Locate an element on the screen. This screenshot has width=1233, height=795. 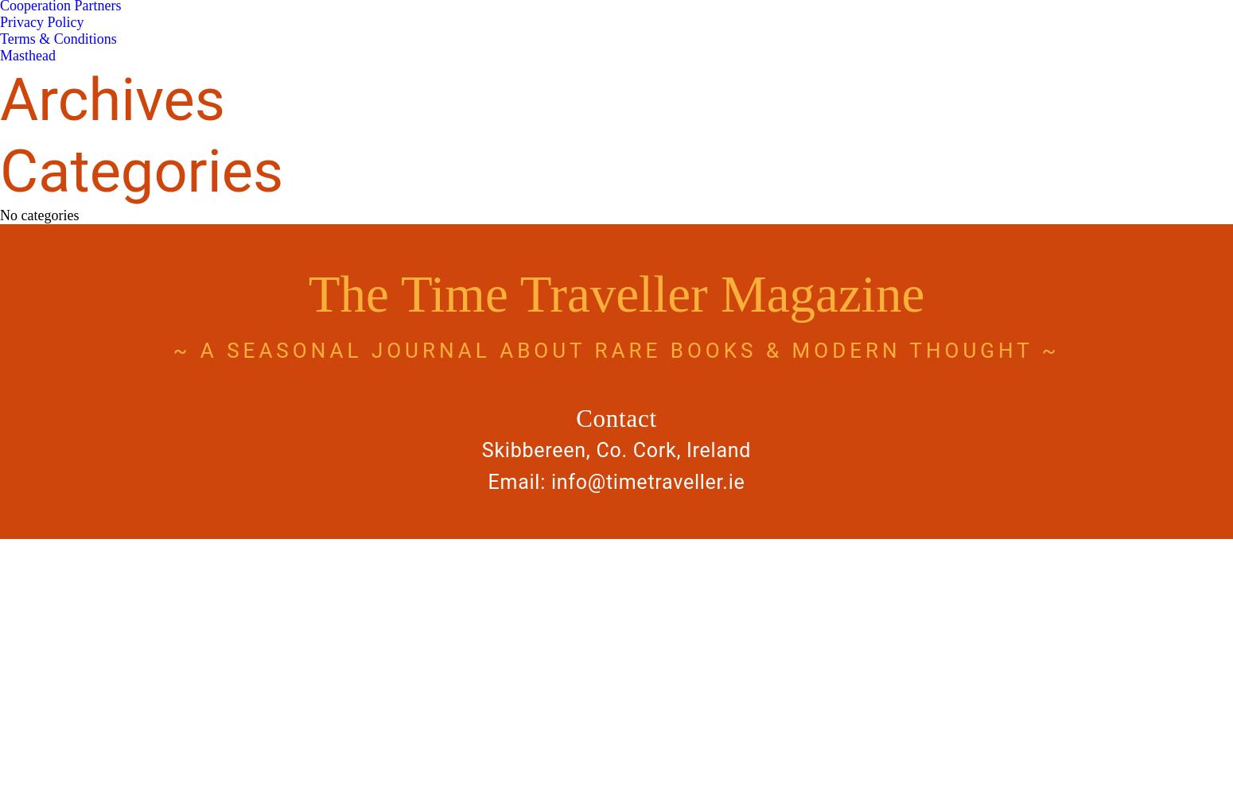
'Privacy Policy' is located at coordinates (0, 22).